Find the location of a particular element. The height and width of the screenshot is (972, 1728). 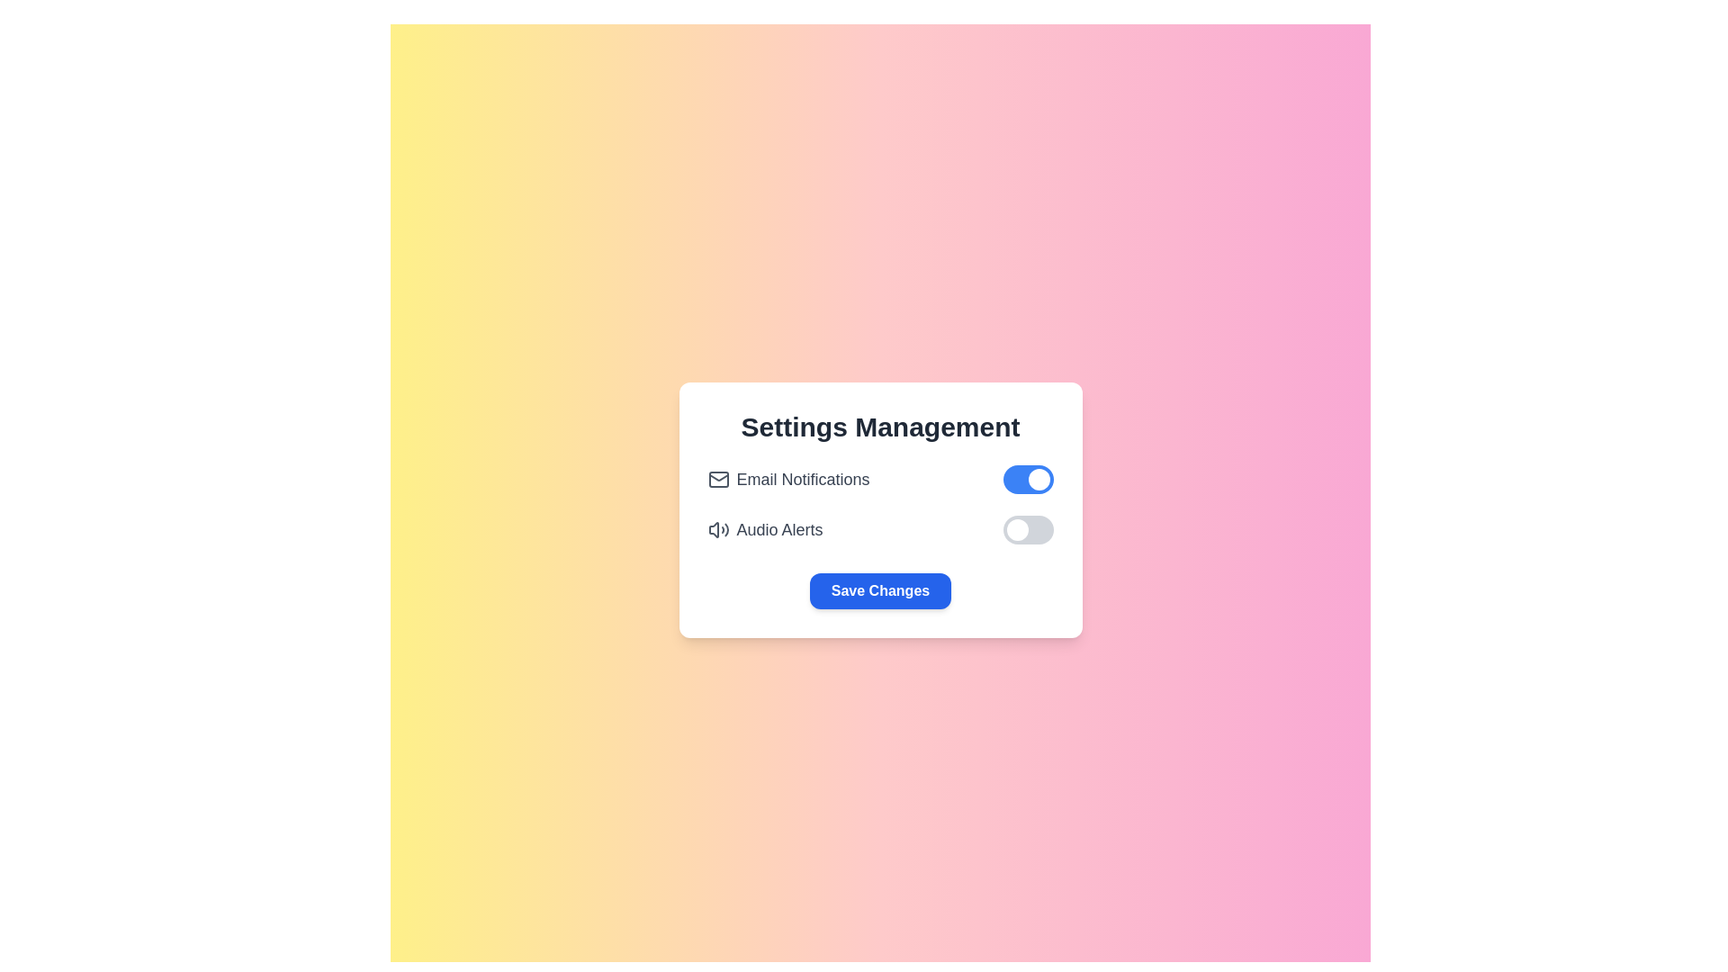

the label with an icon that describes the audio alert notifications toggle switch, located under 'Email Notifications' in the settings section is located at coordinates (765, 529).